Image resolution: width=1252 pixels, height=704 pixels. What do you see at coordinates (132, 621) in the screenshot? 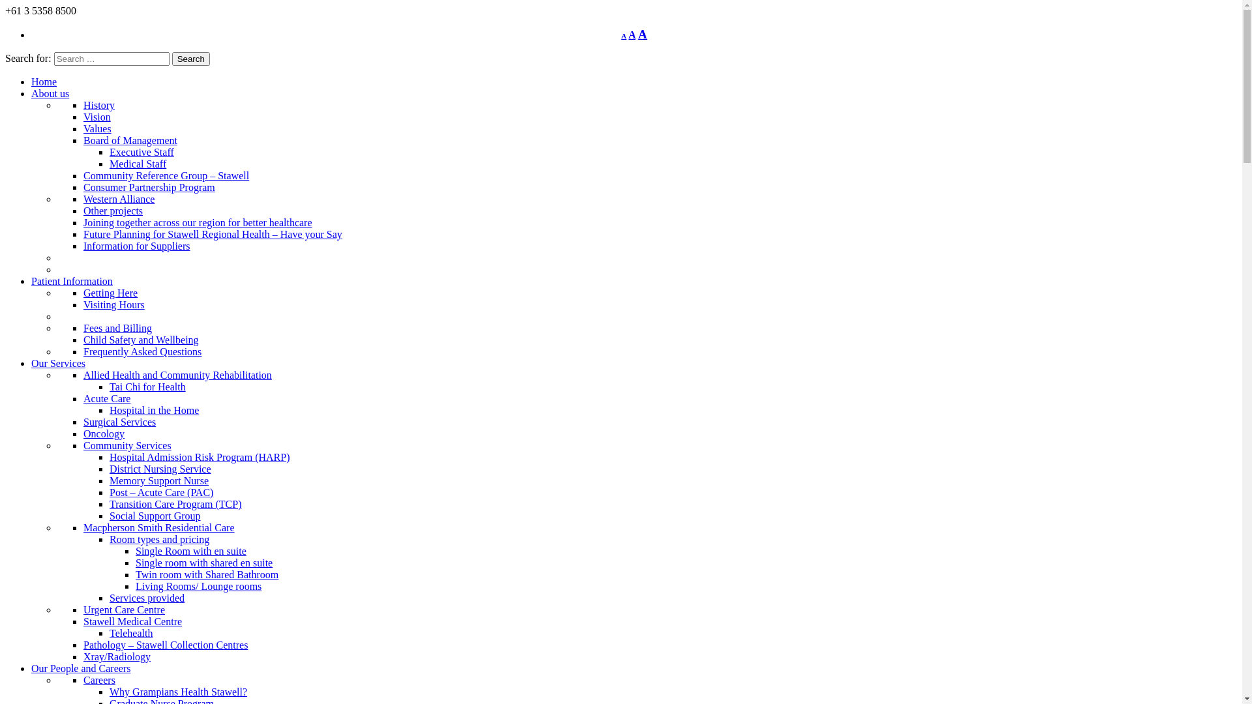
I see `'Stawell Medical Centre'` at bounding box center [132, 621].